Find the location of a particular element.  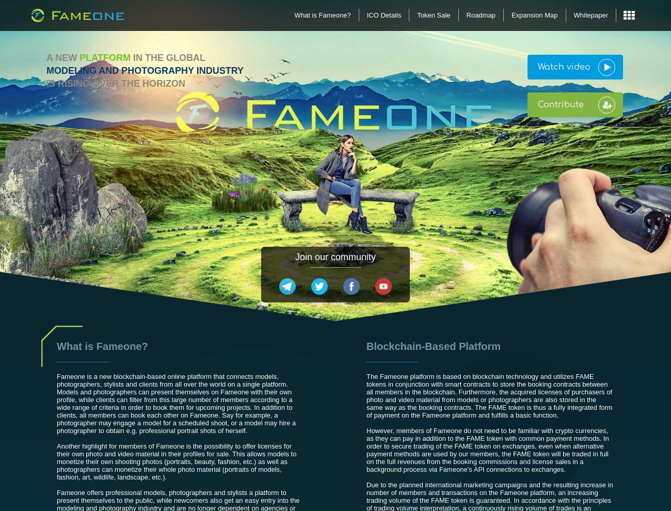

'Blockchain-Based Platform' is located at coordinates (434, 346).